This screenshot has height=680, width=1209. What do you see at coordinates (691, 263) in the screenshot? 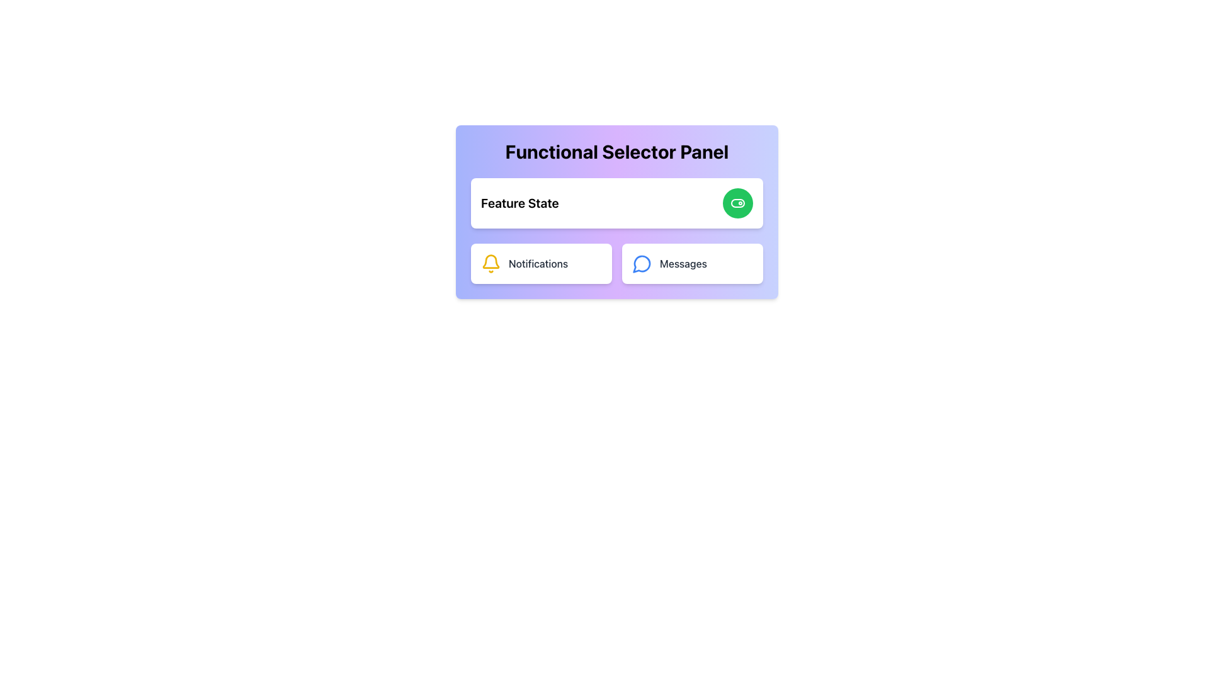
I see `the 'Messages' button, which is the second button in the grid layout, located in the bottom-right corner of the 'Functional Selector Panel'` at bounding box center [691, 263].